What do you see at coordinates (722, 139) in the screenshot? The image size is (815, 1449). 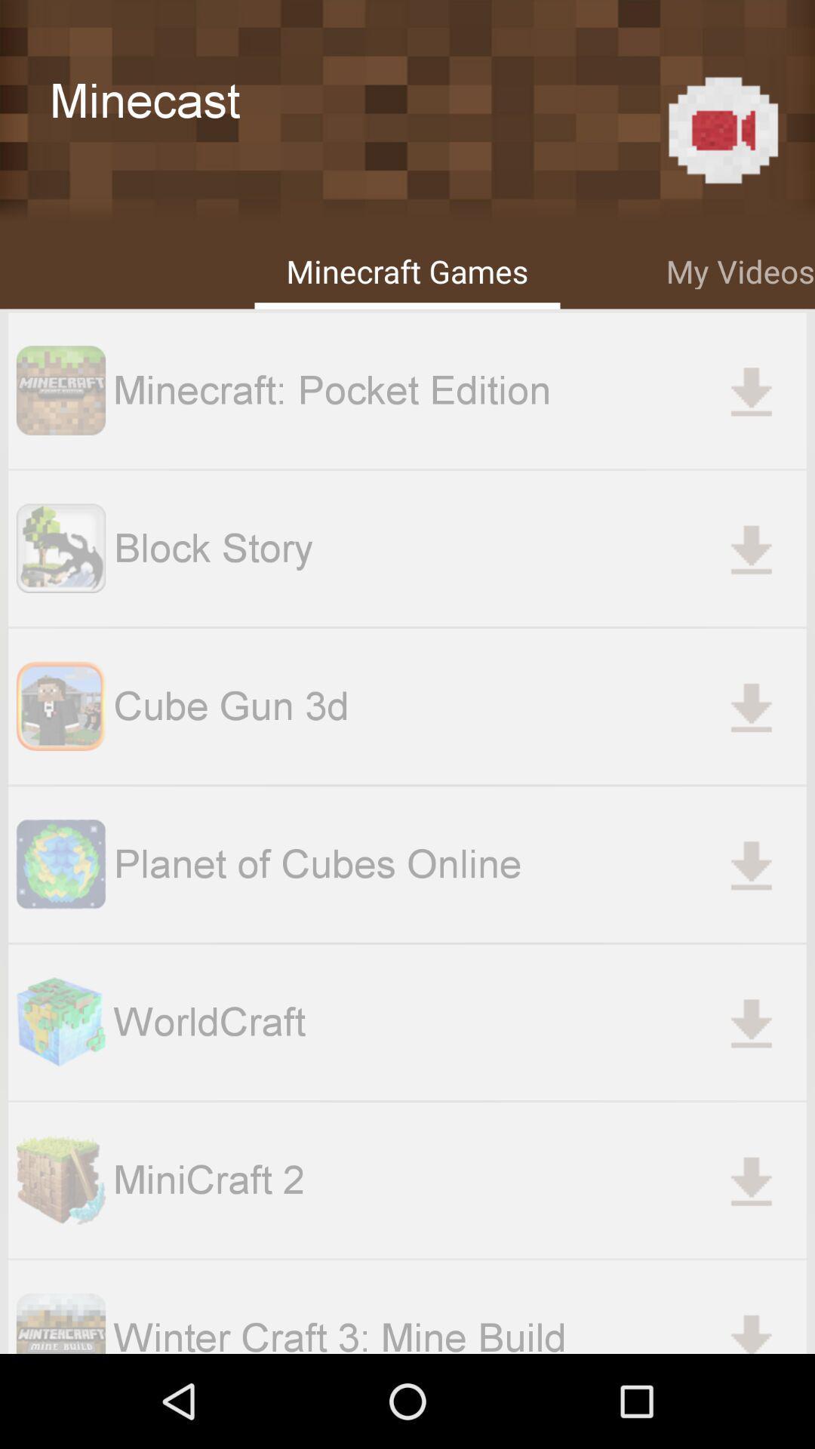 I see `the videocam icon` at bounding box center [722, 139].